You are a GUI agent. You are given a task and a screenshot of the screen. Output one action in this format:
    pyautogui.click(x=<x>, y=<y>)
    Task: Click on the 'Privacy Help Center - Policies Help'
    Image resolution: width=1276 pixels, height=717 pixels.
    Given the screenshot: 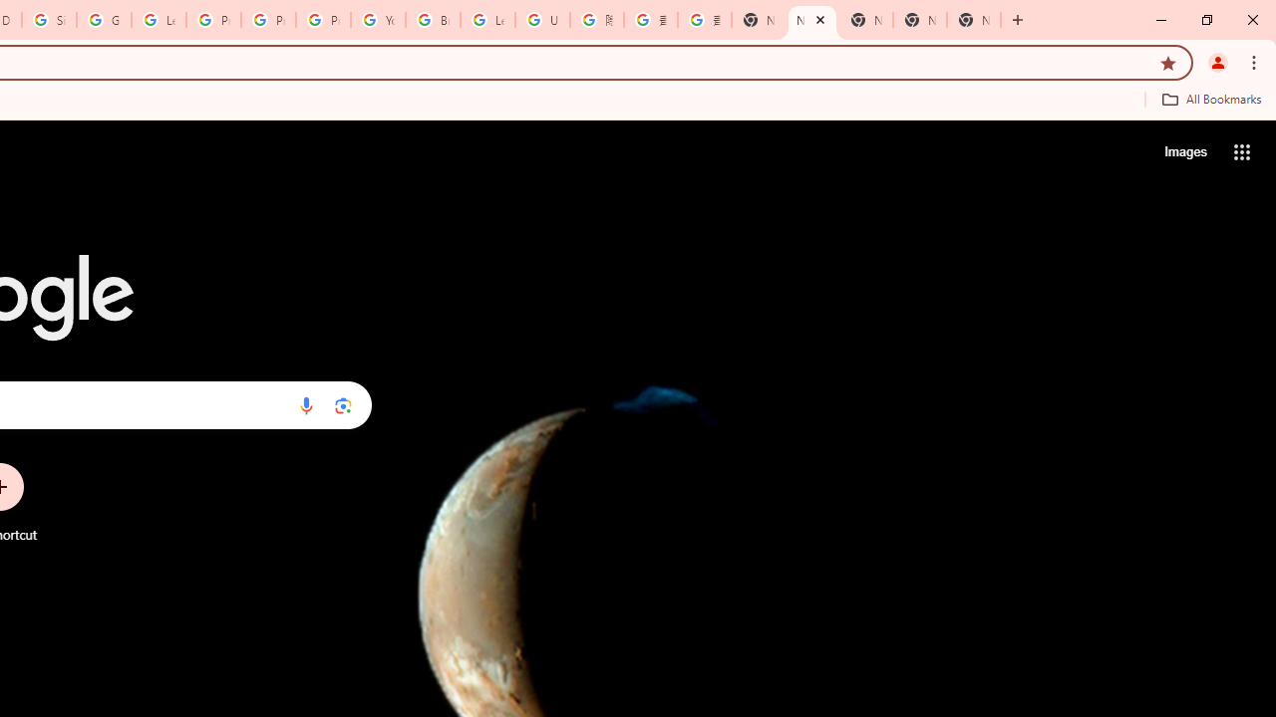 What is the action you would take?
    pyautogui.click(x=213, y=20)
    